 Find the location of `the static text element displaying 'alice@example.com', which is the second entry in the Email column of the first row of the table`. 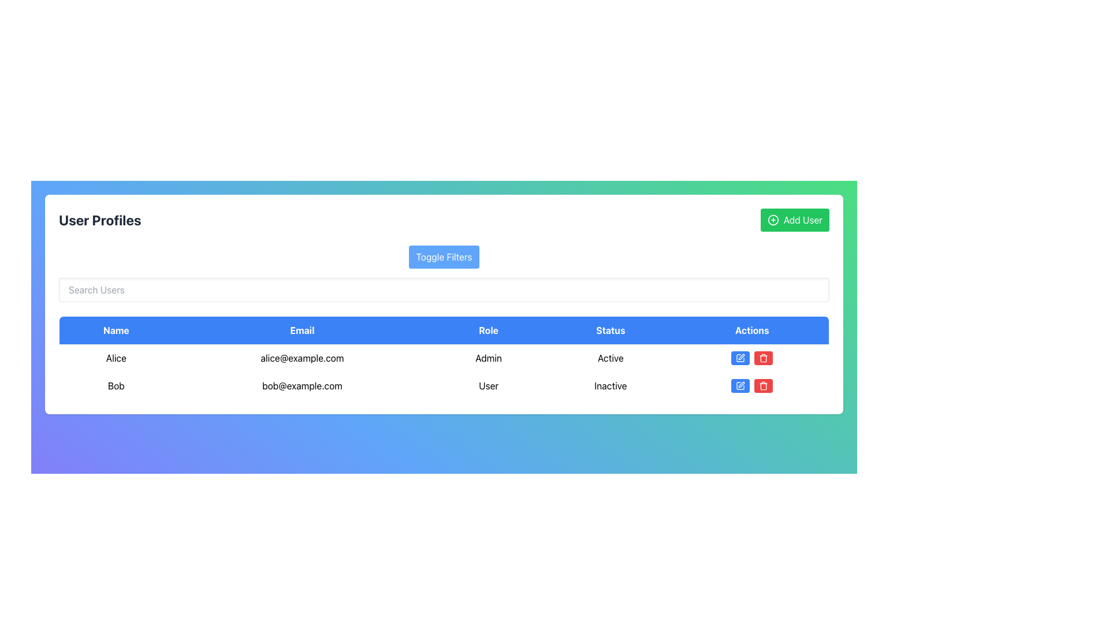

the static text element displaying 'alice@example.com', which is the second entry in the Email column of the first row of the table is located at coordinates (302, 358).